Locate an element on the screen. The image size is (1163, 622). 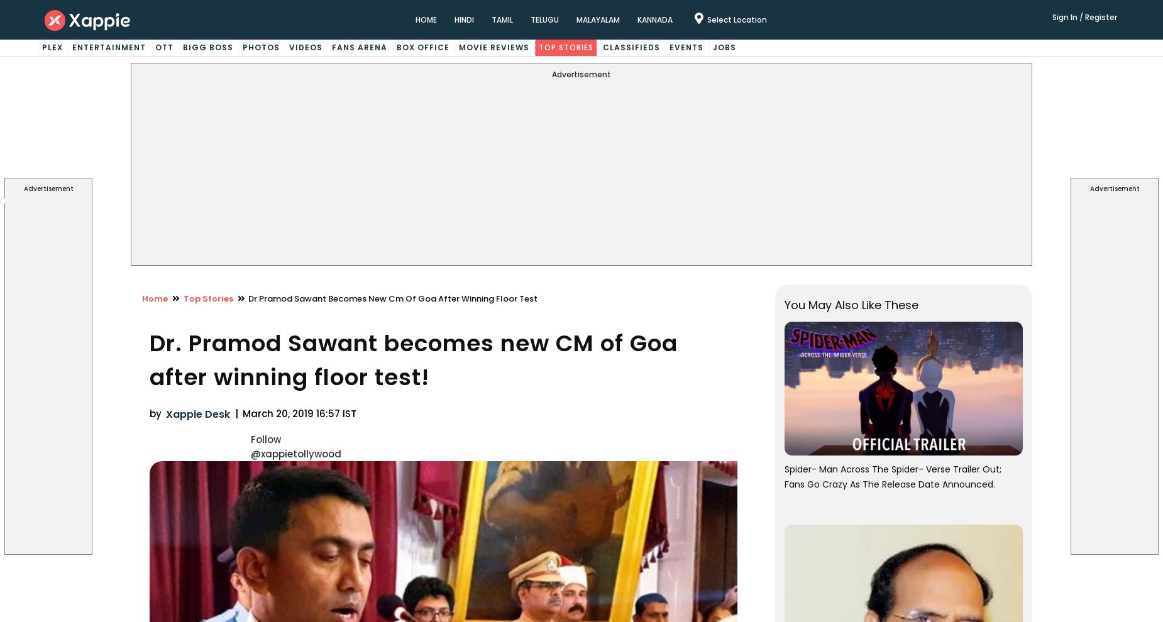
'Xappie Desk' is located at coordinates (197, 414).